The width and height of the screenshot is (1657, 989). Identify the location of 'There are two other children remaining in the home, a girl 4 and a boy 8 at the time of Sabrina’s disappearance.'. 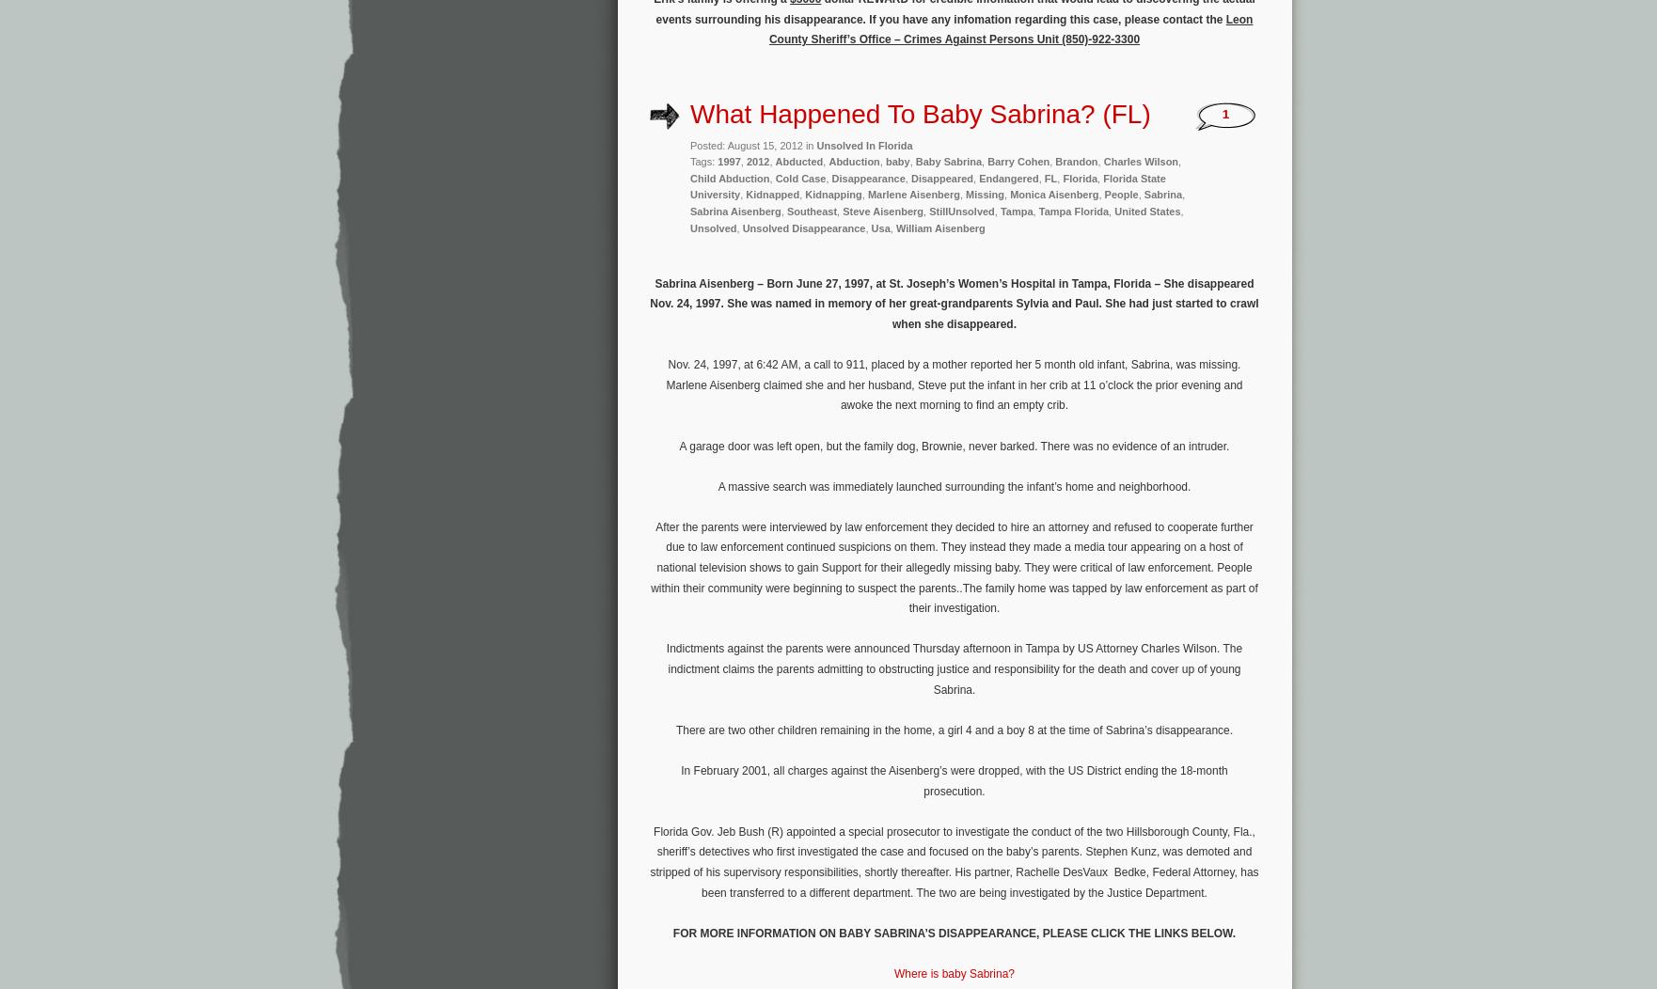
(954, 728).